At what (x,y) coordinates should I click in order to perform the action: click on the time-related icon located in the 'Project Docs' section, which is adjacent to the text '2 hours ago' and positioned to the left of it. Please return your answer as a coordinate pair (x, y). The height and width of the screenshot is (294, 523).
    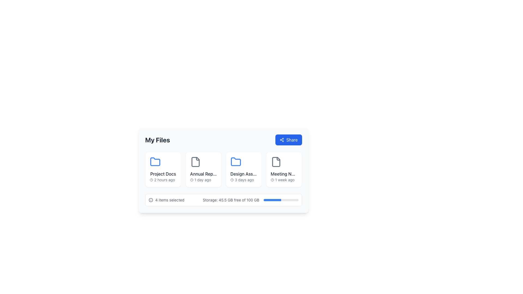
    Looking at the image, I should click on (151, 180).